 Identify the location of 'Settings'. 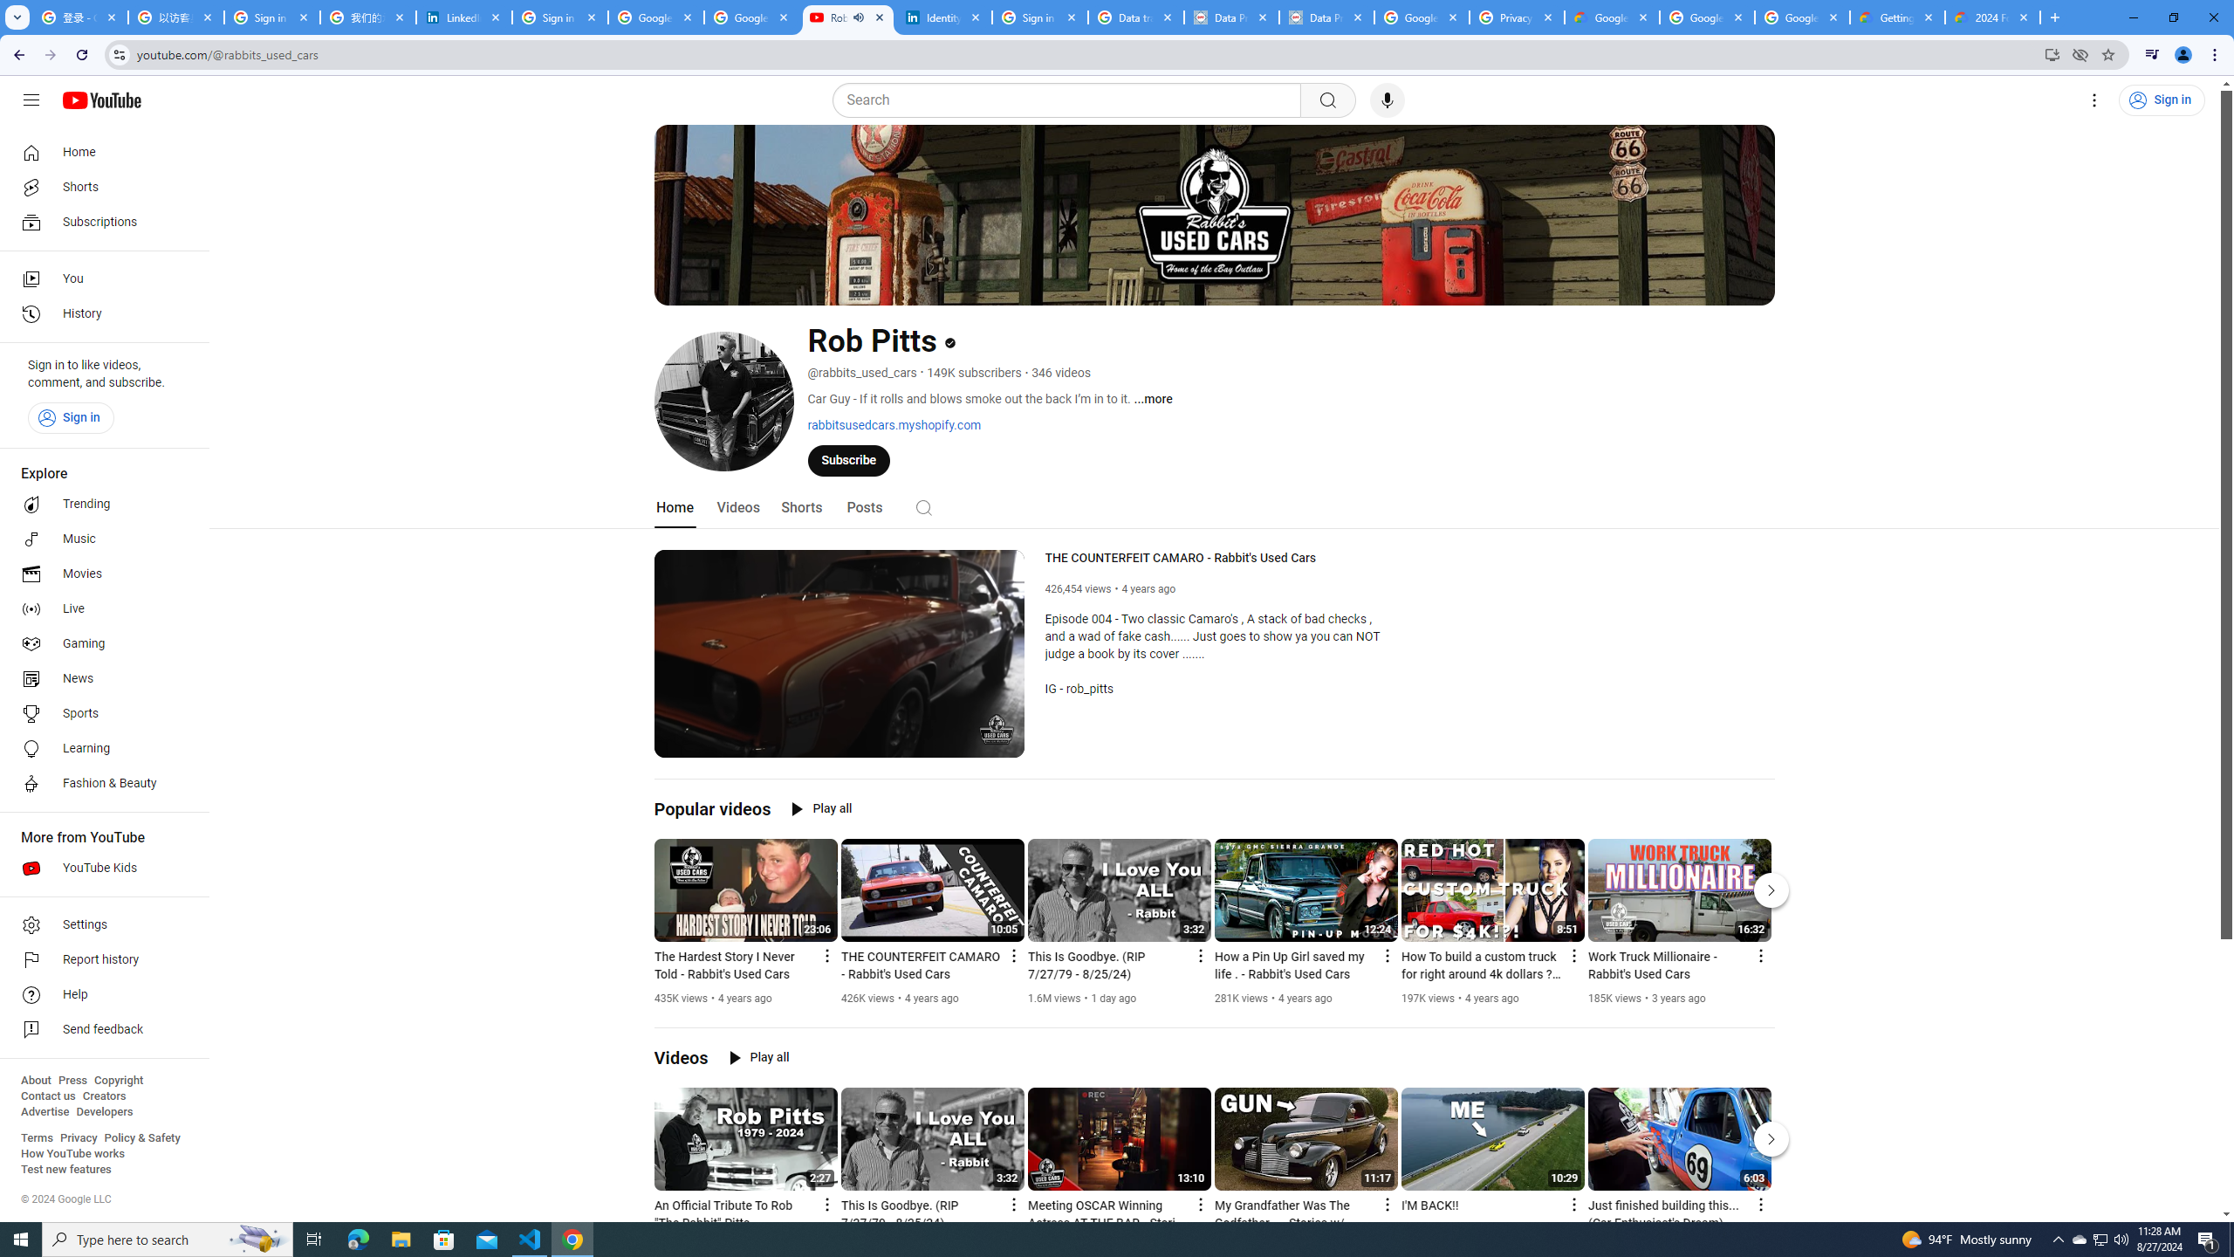
(2095, 100).